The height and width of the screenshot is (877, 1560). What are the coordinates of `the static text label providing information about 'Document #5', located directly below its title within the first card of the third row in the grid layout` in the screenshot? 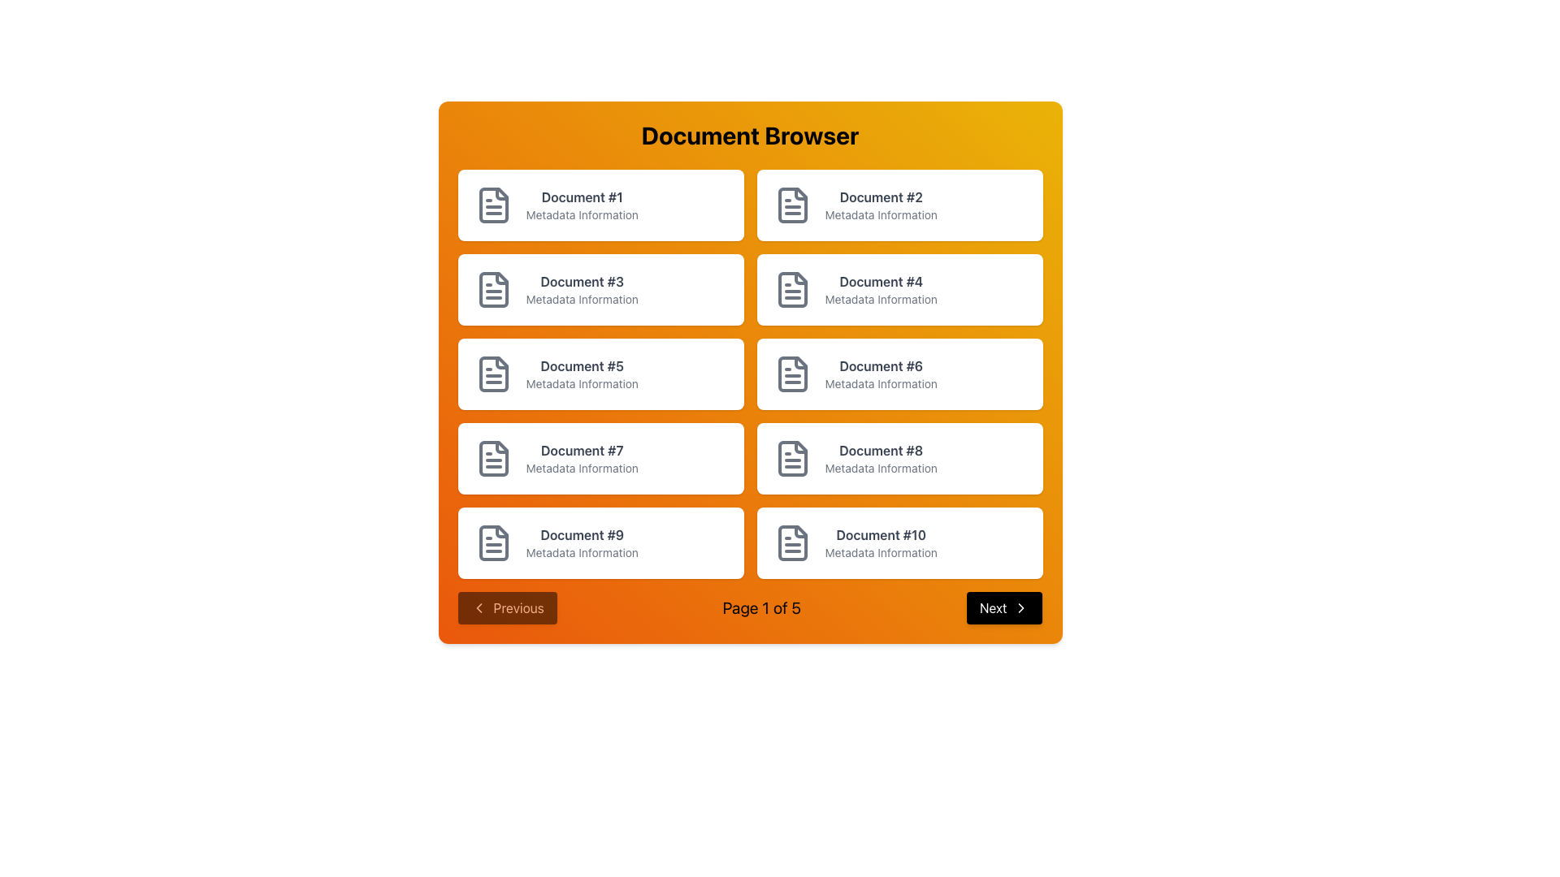 It's located at (582, 384).